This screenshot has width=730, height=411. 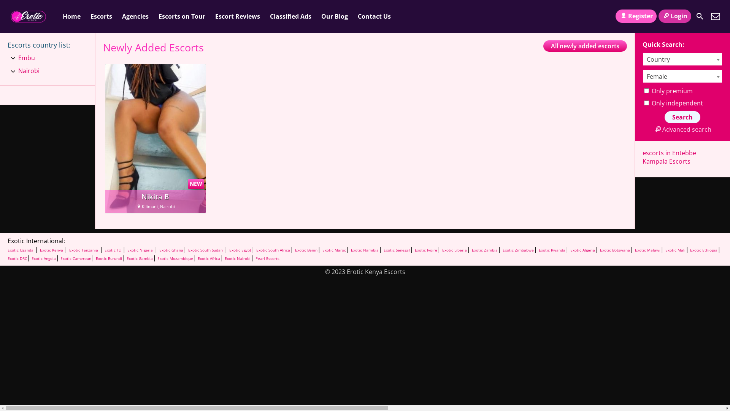 What do you see at coordinates (71, 16) in the screenshot?
I see `'Home'` at bounding box center [71, 16].